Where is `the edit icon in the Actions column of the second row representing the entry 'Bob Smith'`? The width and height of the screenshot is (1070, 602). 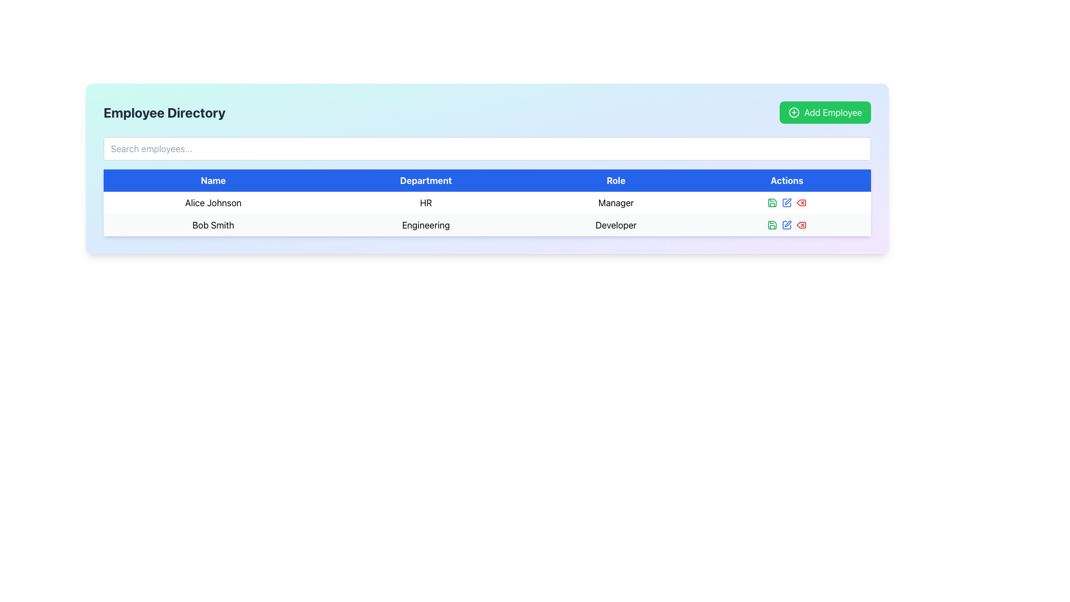 the edit icon in the Actions column of the second row representing the entry 'Bob Smith' is located at coordinates (786, 225).